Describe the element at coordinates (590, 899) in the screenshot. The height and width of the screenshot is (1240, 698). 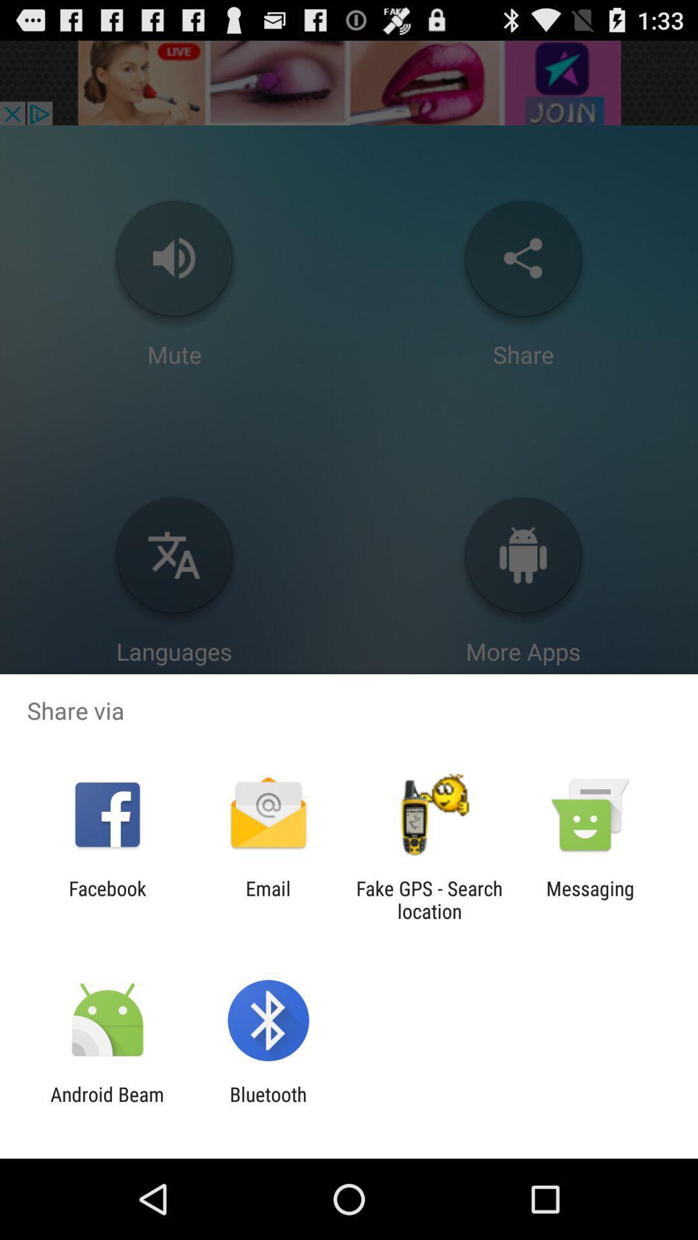
I see `messaging at the bottom right corner` at that location.